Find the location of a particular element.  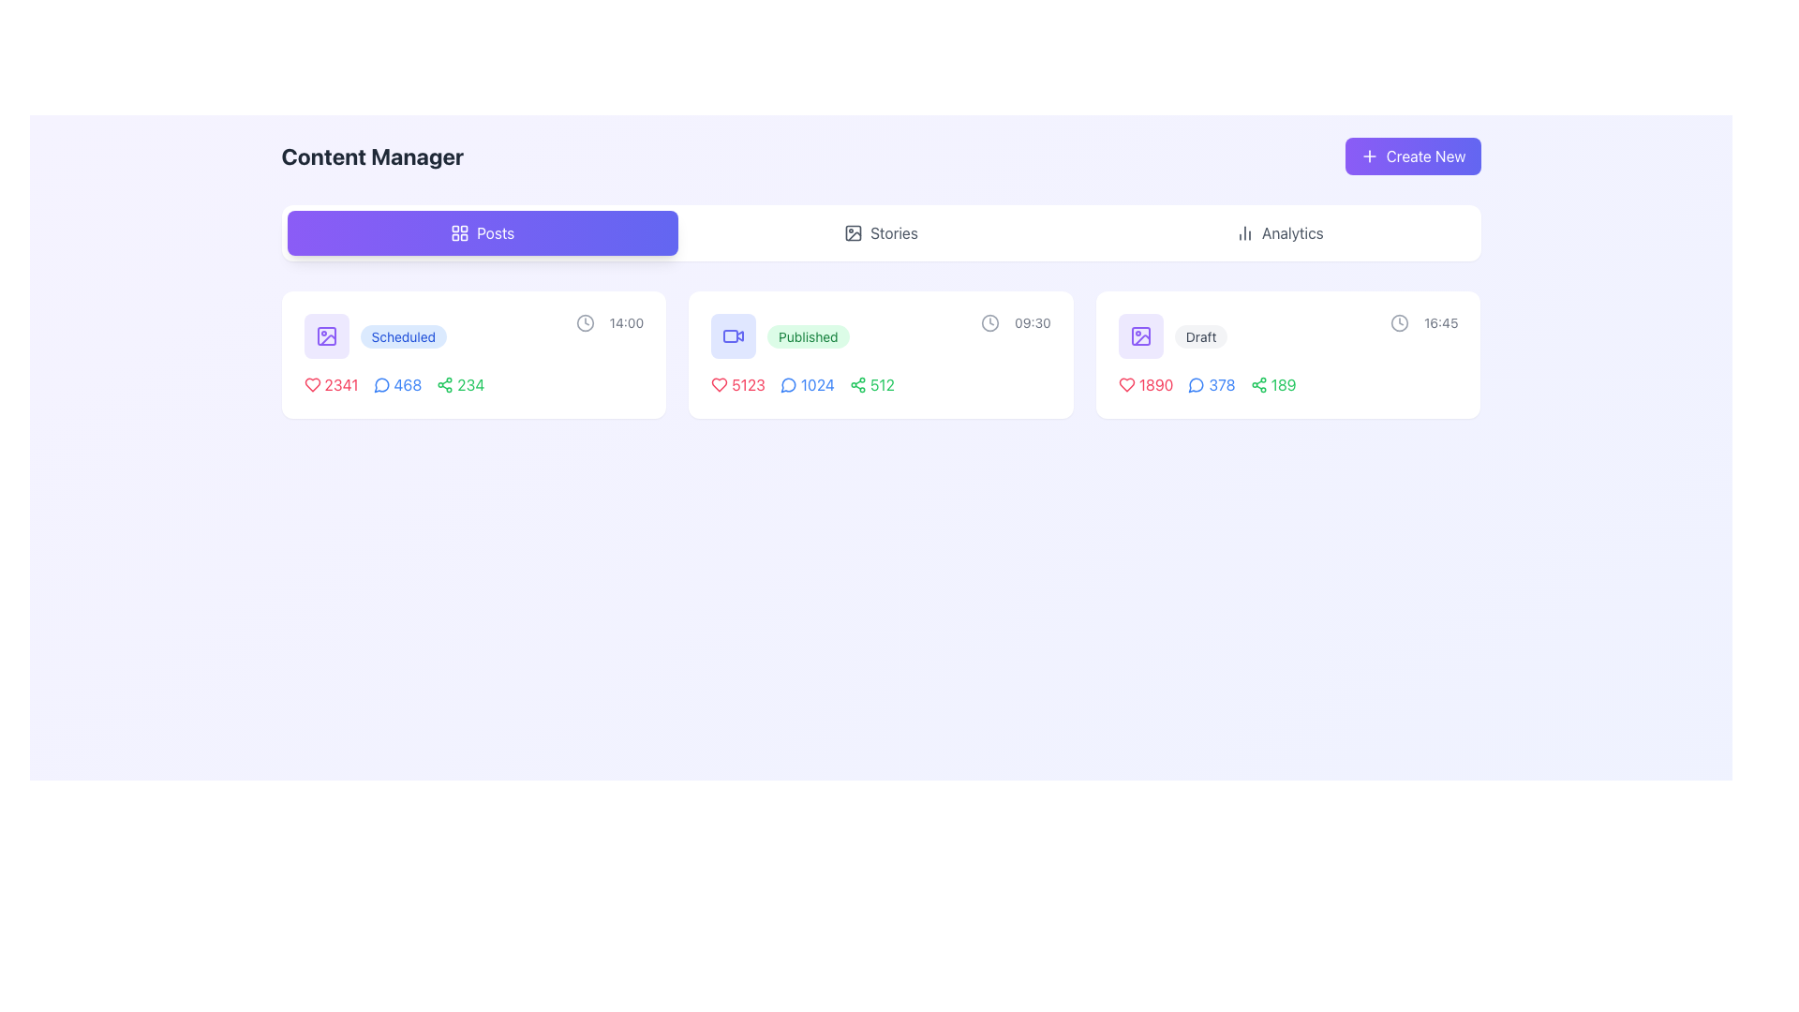

the 'Published' status label located centrally in the second content card, which is positioned above the metrics of likes, comments, and shares is located at coordinates (808, 335).